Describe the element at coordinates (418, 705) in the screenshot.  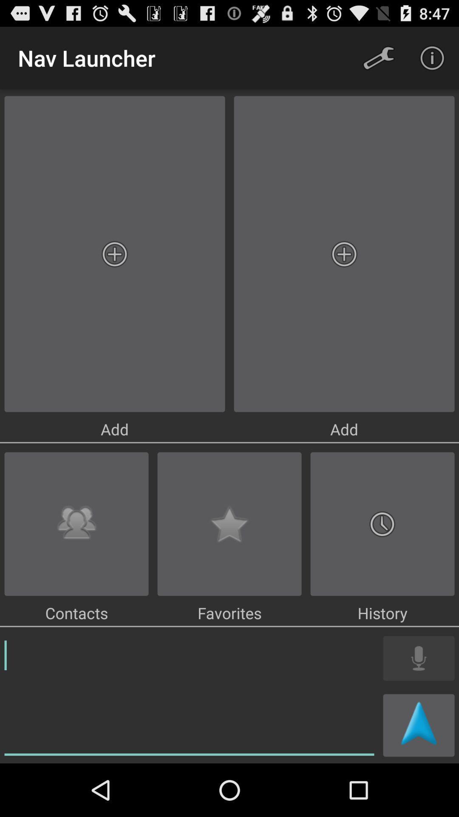
I see `the microphone icon` at that location.